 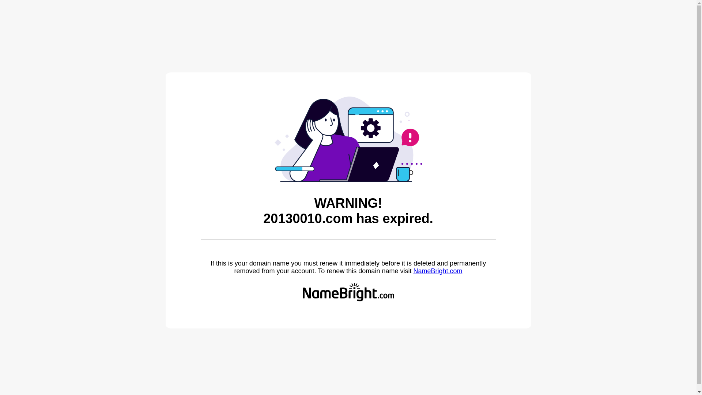 What do you see at coordinates (437, 271) in the screenshot?
I see `'NameBright.com'` at bounding box center [437, 271].